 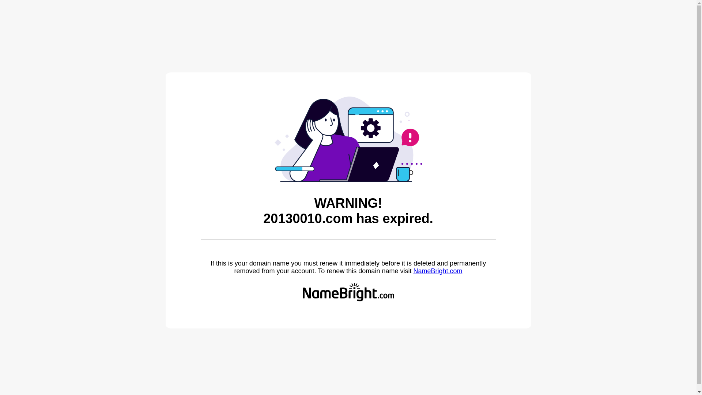 What do you see at coordinates (437, 271) in the screenshot?
I see `'NameBright.com'` at bounding box center [437, 271].